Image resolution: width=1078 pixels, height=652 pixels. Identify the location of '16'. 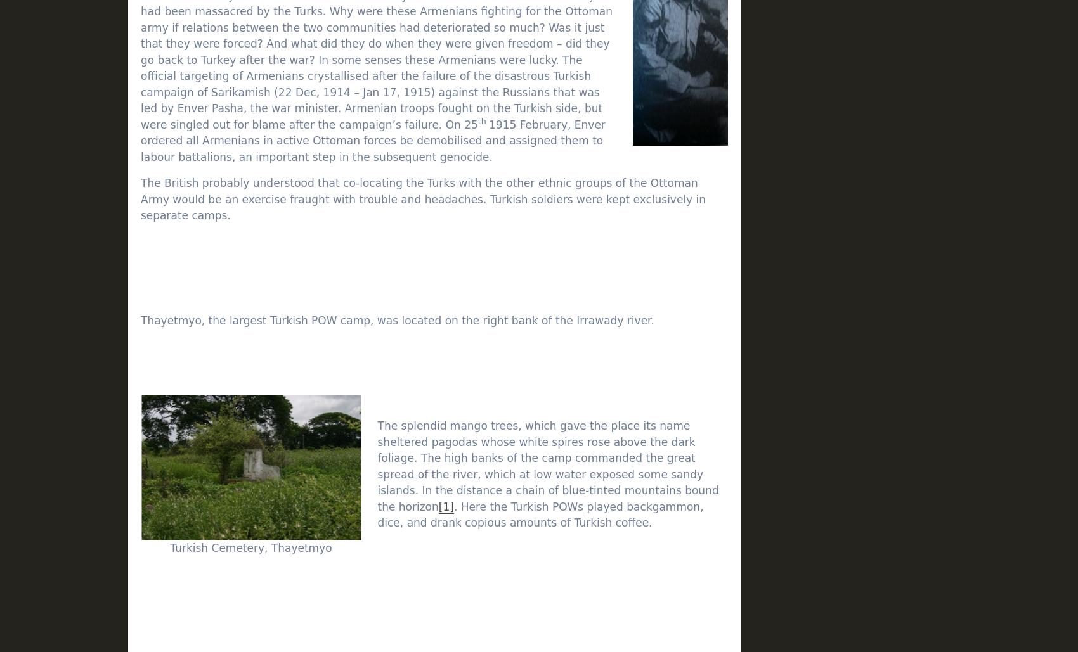
(862, 485).